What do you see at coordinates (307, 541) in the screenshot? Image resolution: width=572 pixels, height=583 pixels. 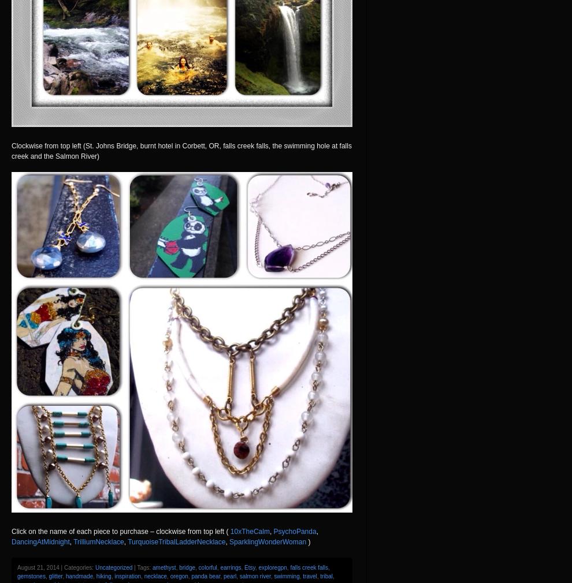 I see `')'` at bounding box center [307, 541].